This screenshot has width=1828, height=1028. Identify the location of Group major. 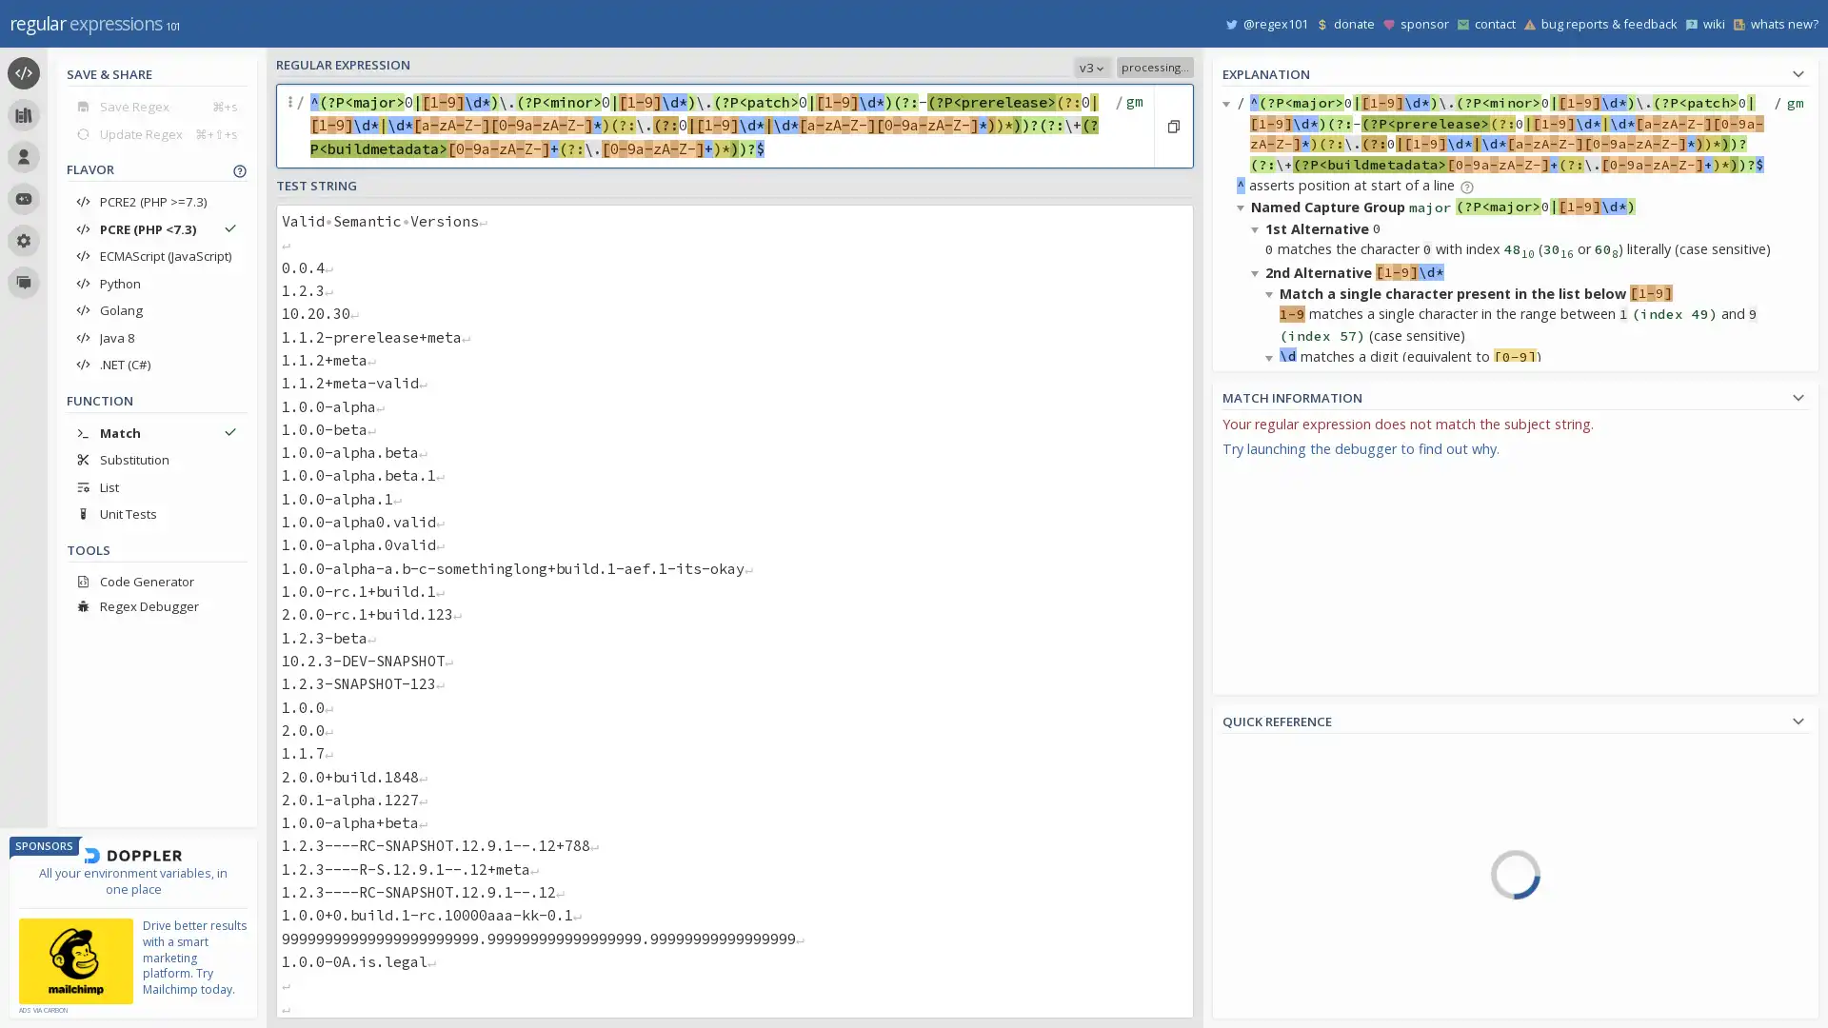
(1273, 471).